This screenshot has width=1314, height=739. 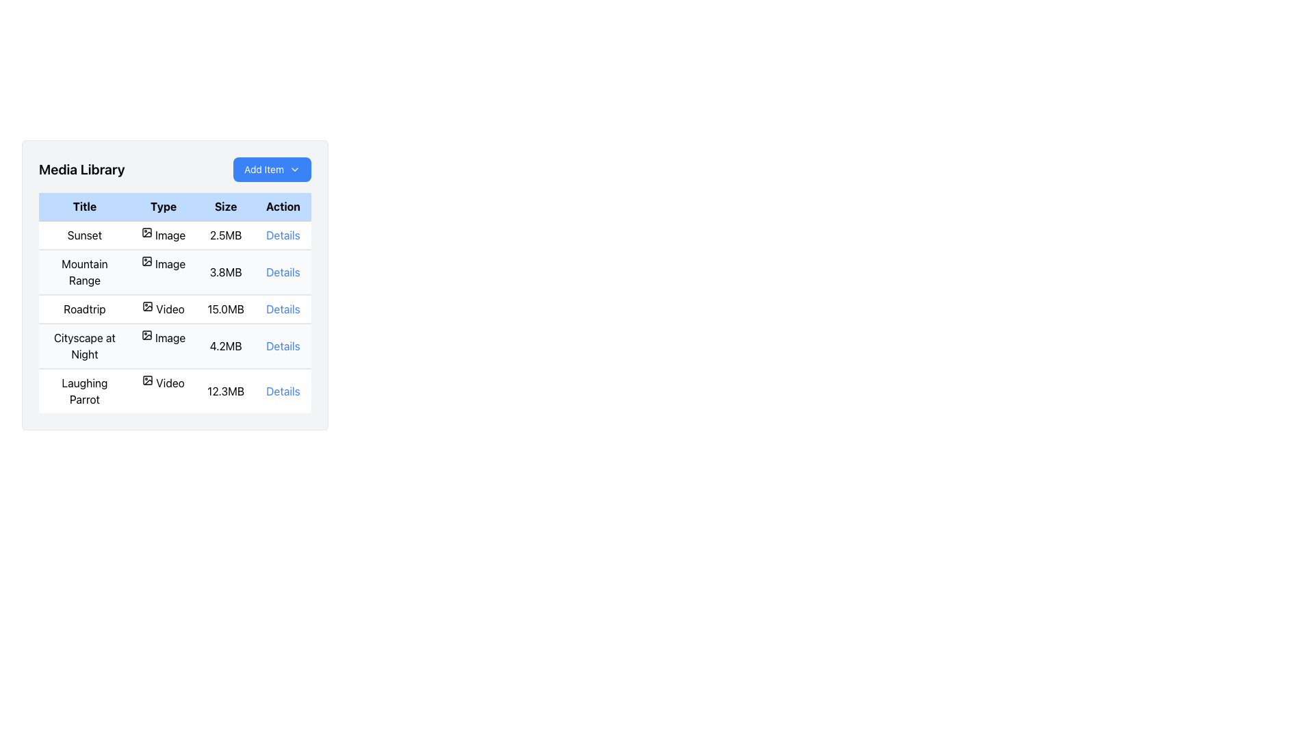 What do you see at coordinates (146, 335) in the screenshot?
I see `the SVG Icon depicting an image frame located in the 'Type' column of the row labeled 'Cityscape at Night'` at bounding box center [146, 335].